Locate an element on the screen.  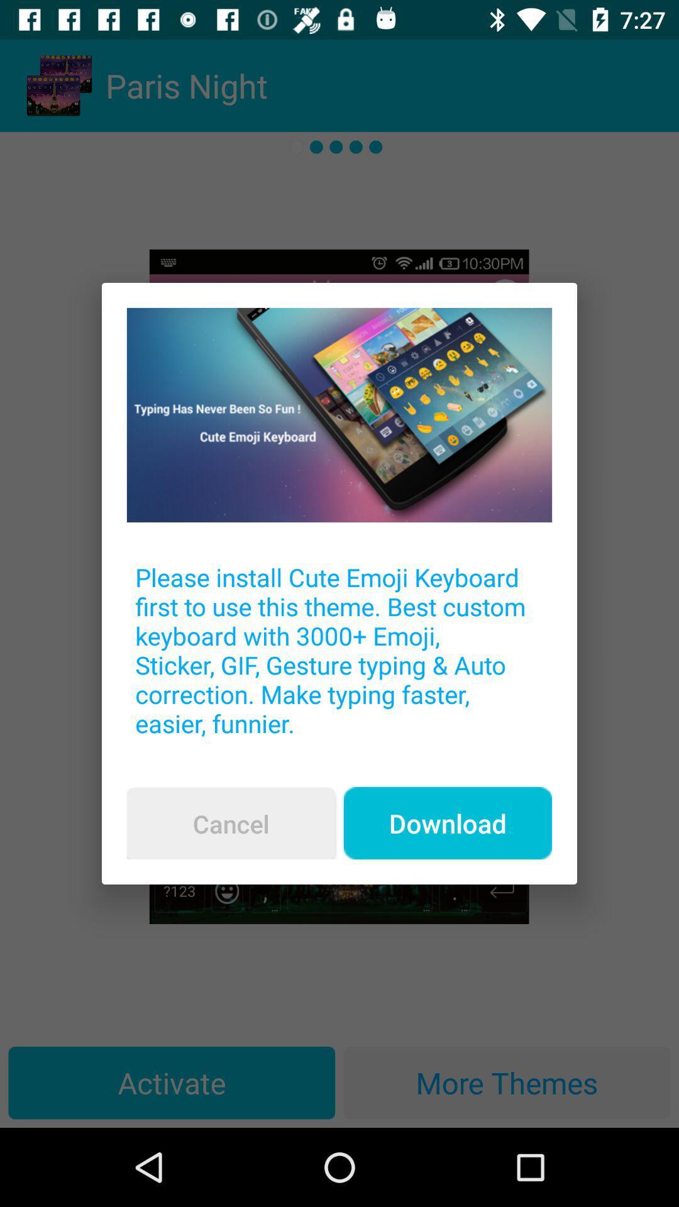
download item is located at coordinates (447, 823).